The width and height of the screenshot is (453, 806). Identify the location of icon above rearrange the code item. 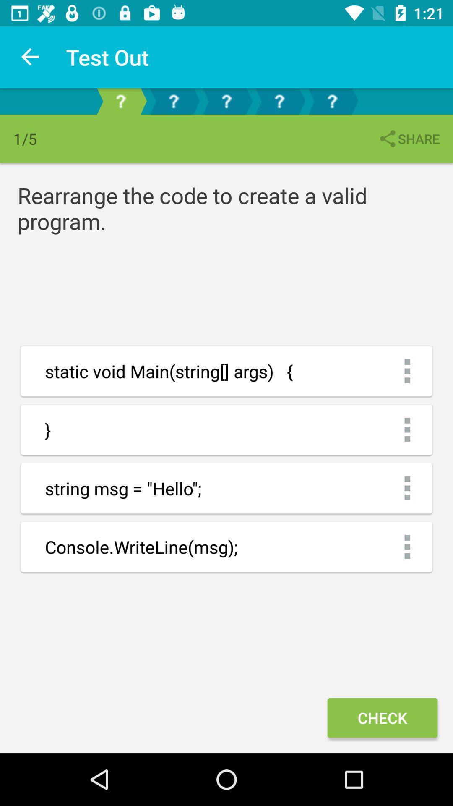
(408, 139).